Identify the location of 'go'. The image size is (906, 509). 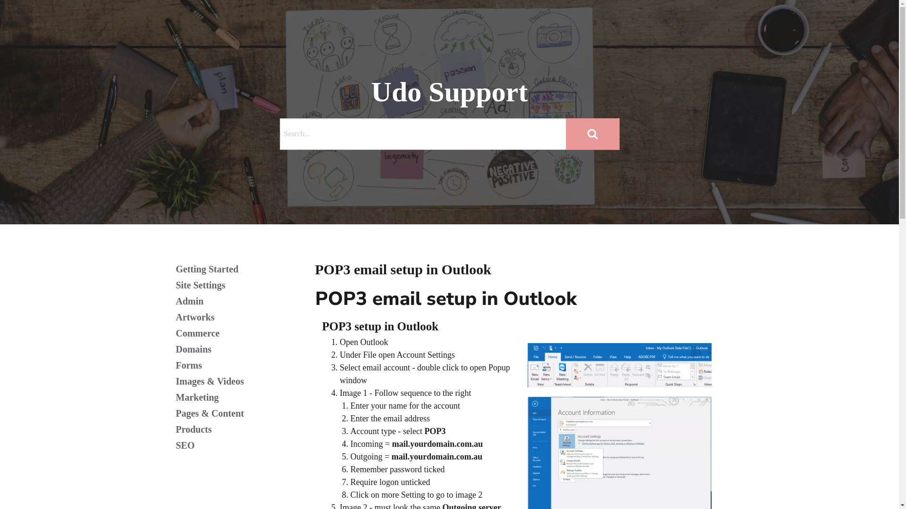
(592, 134).